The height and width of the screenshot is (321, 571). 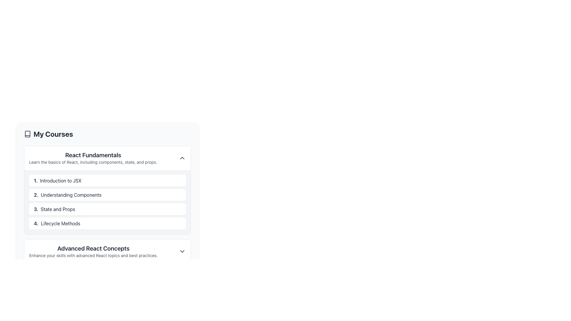 What do you see at coordinates (36, 224) in the screenshot?
I see `the text content adjacent to the fourth item label 'Lifecycle Methods' in the structured list under 'React Fundamentals.'` at bounding box center [36, 224].